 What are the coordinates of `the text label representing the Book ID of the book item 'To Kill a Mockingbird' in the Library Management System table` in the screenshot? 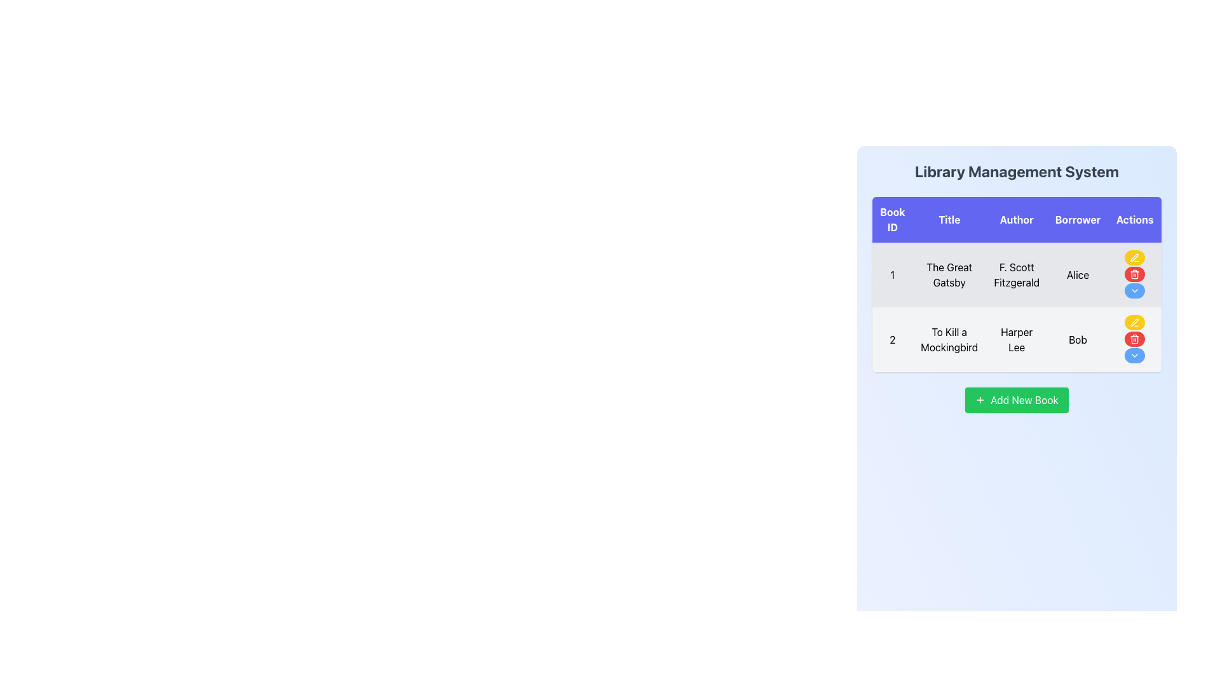 It's located at (891, 339).